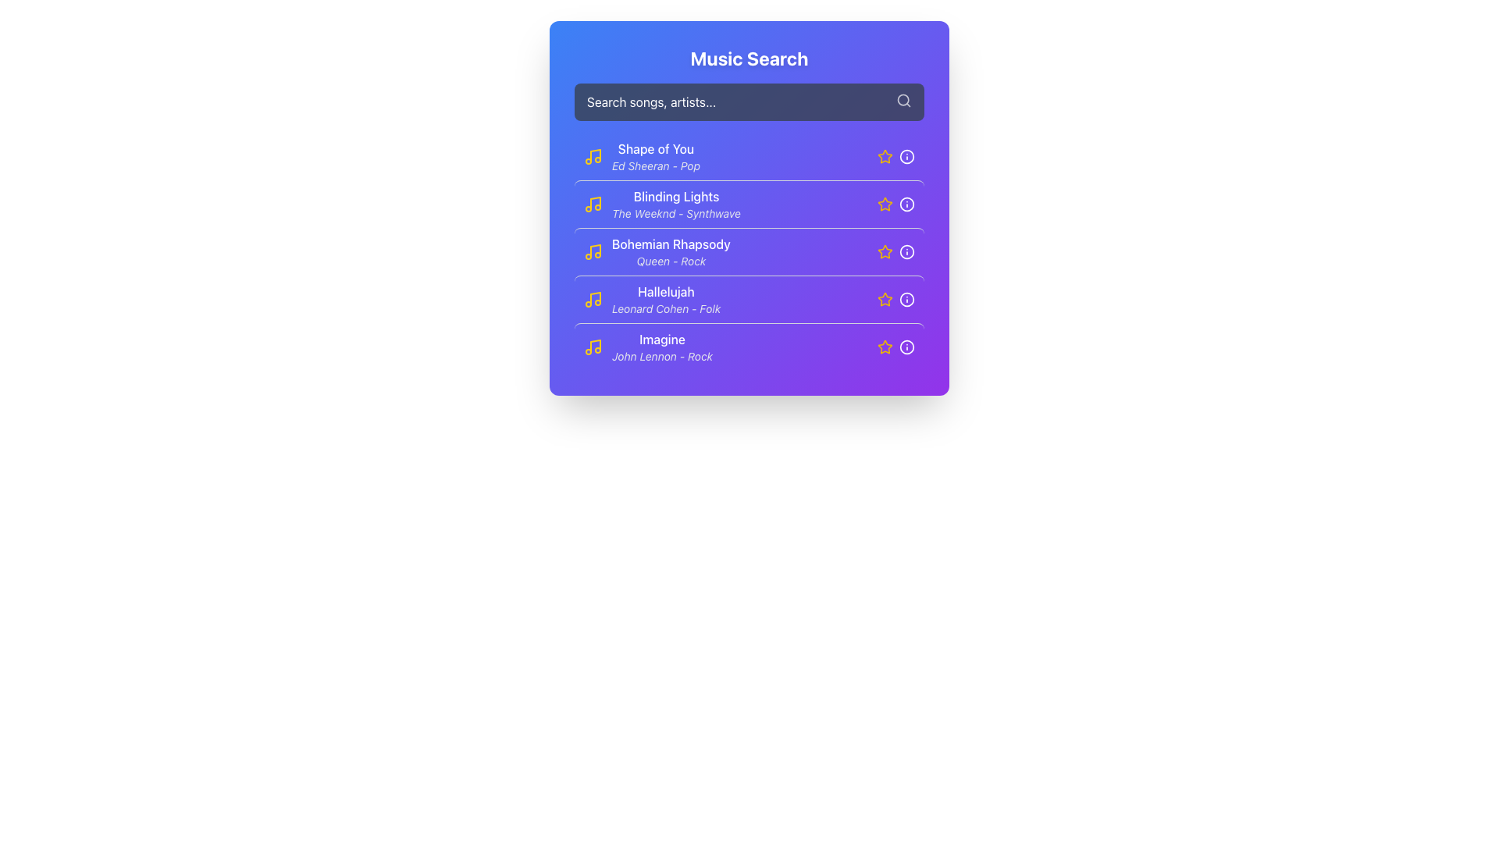 This screenshot has width=1499, height=843. I want to click on the star-shaped icon with a yellow outline in the 'Hallelujah' row of the music search panel to mark the song as a favorite, so click(885, 300).